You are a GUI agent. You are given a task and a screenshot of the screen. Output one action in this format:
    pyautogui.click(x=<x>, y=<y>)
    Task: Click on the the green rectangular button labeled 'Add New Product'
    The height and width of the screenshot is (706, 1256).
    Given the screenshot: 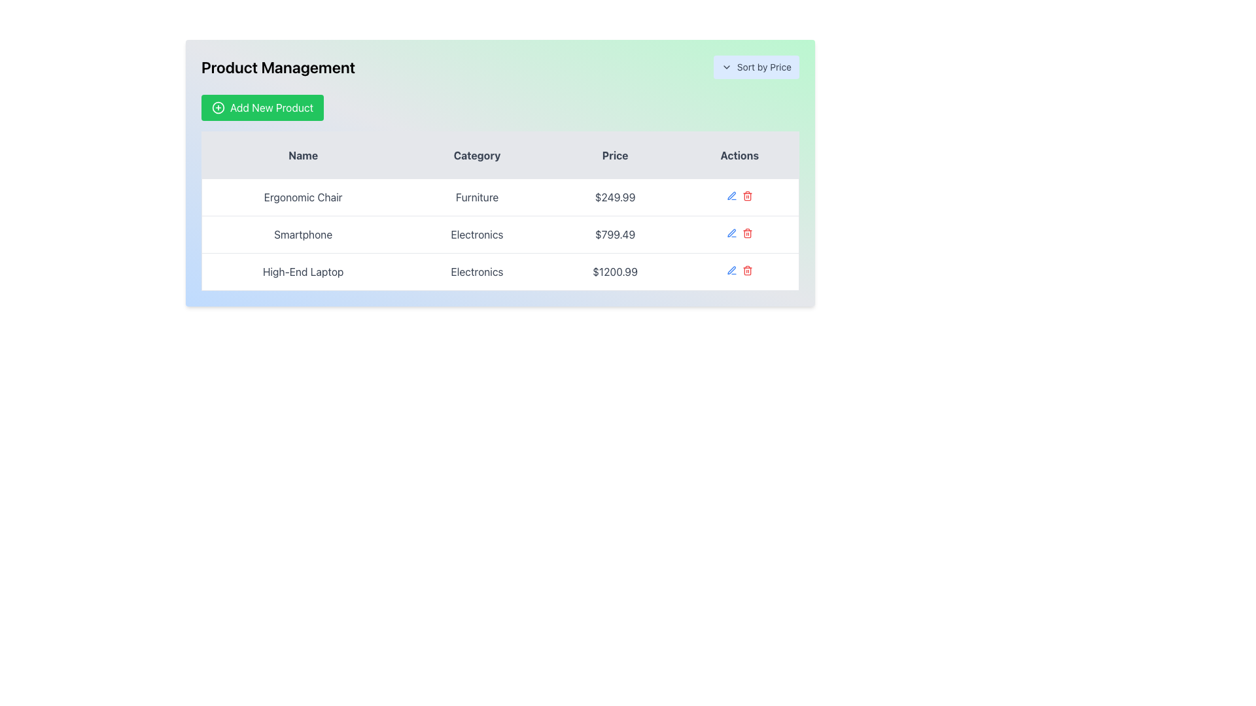 What is the action you would take?
    pyautogui.click(x=262, y=107)
    